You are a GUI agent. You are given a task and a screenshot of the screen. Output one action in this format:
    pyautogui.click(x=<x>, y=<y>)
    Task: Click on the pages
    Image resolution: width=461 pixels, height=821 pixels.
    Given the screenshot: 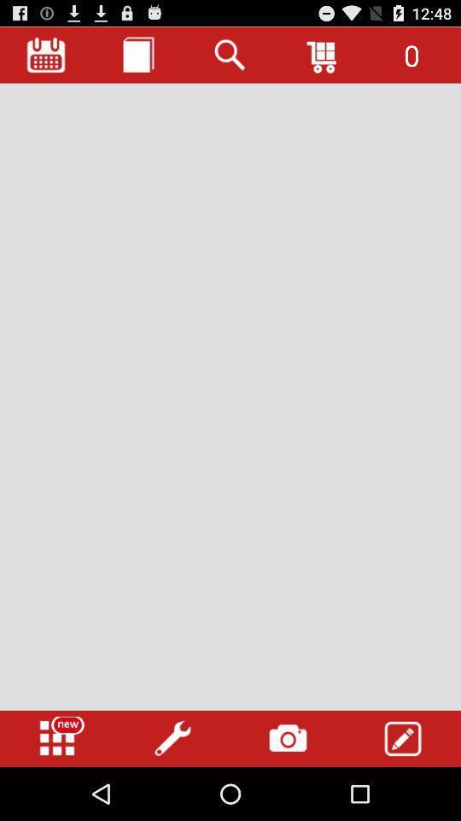 What is the action you would take?
    pyautogui.click(x=137, y=55)
    